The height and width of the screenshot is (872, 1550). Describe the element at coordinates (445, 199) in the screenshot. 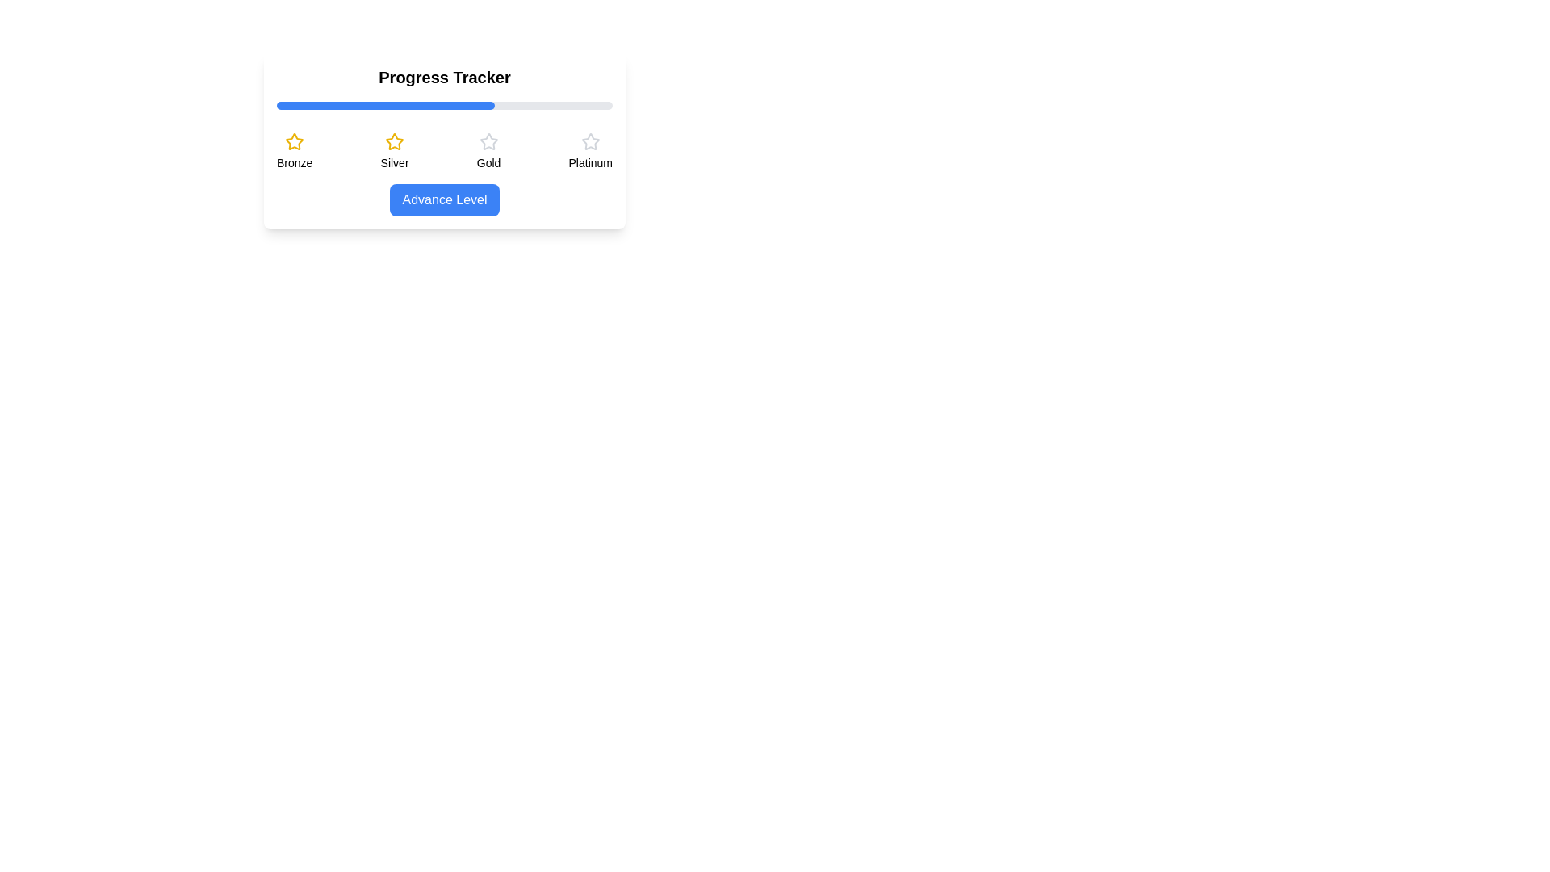

I see `the 'Advance Level' button with a blue background and white text located at the bottom center of the 'Progress Tracker' card to trigger a visual change` at that location.